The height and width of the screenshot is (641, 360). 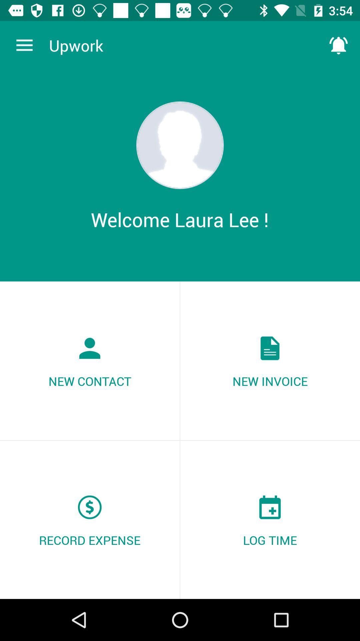 I want to click on icon above new contact, so click(x=24, y=45).